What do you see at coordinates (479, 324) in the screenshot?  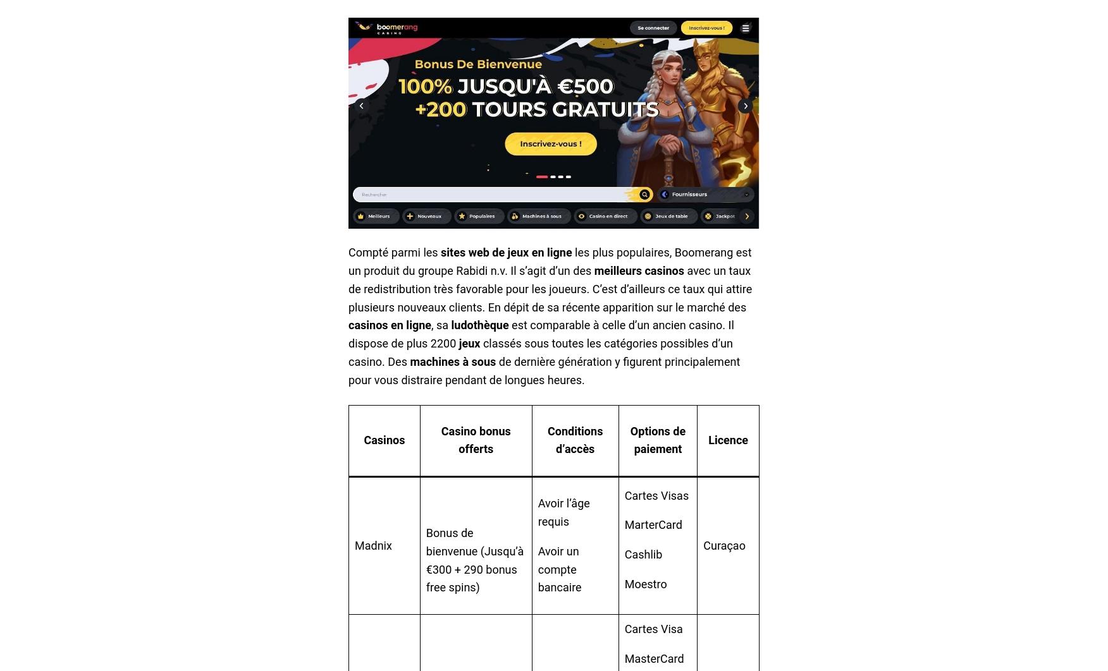 I see `'ludothèque'` at bounding box center [479, 324].